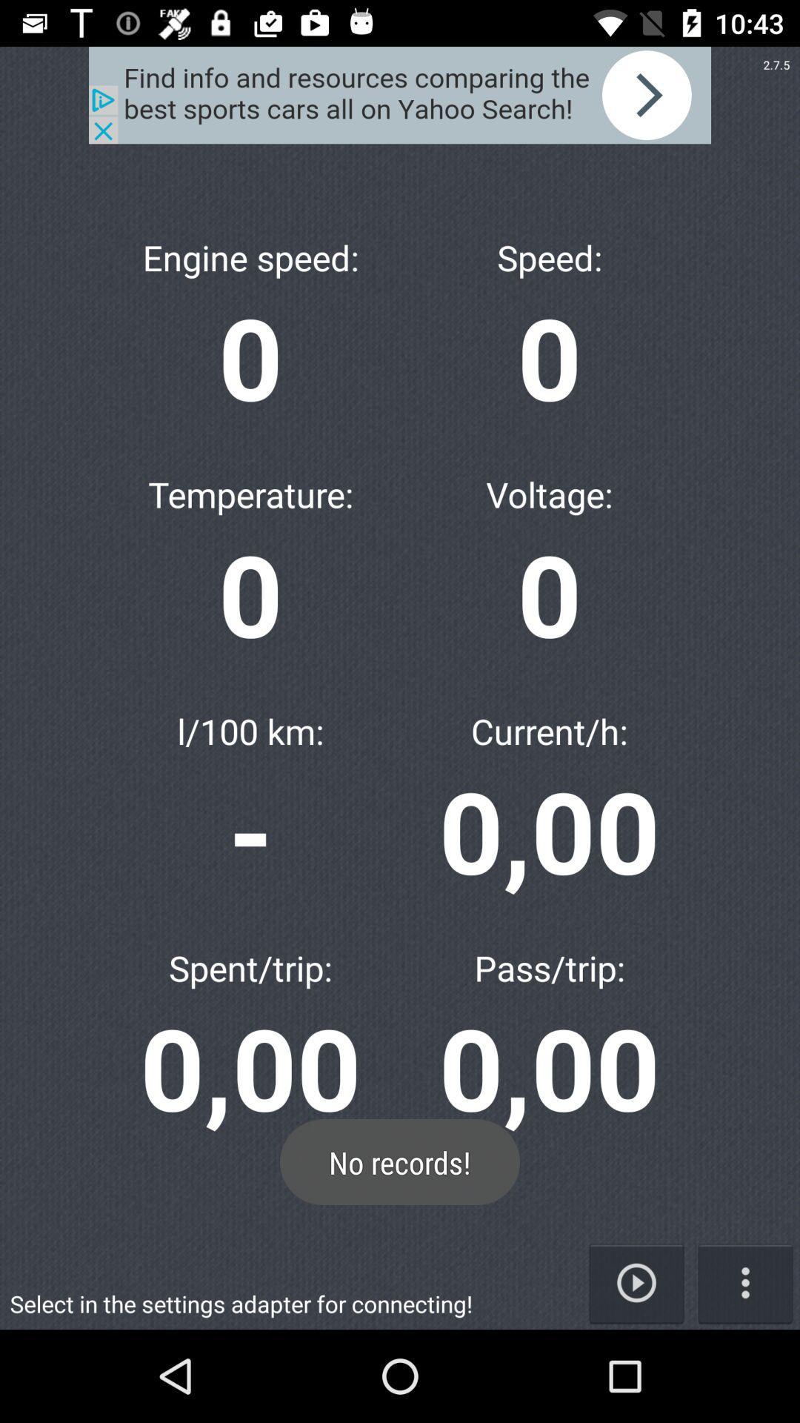 This screenshot has height=1423, width=800. Describe the element at coordinates (636, 1282) in the screenshot. I see `the play icon` at that location.